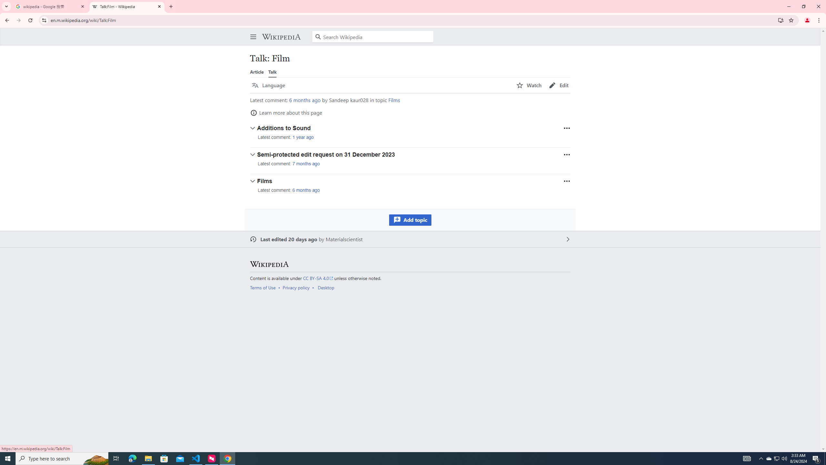  What do you see at coordinates (559, 85) in the screenshot?
I see `'Edit'` at bounding box center [559, 85].